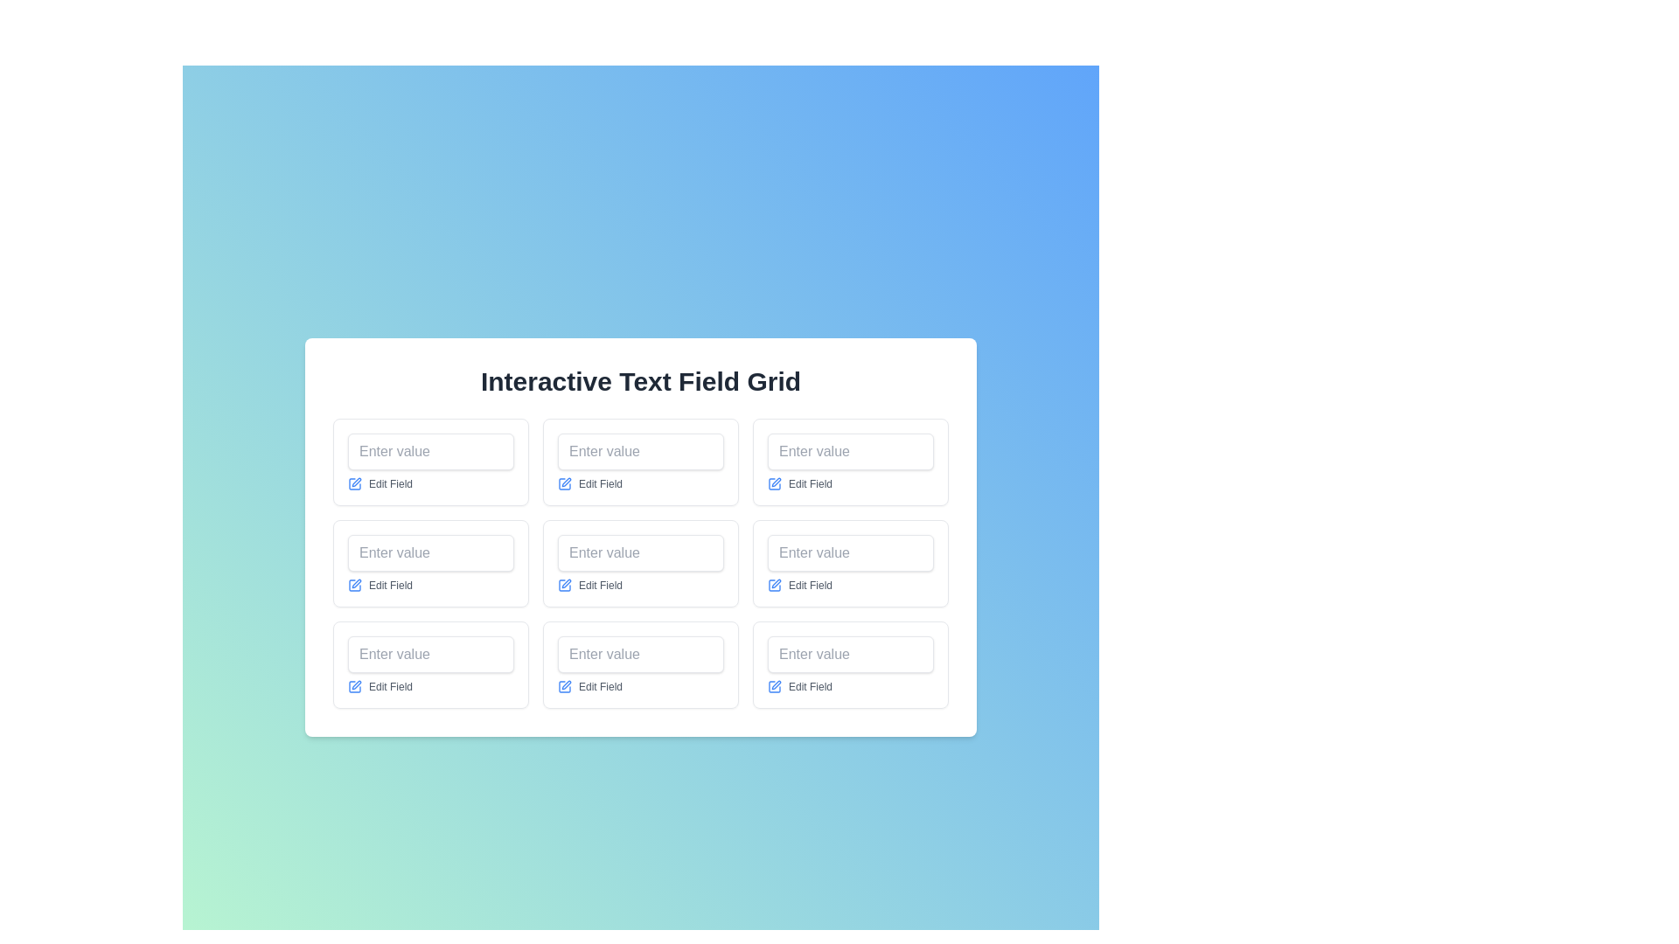  Describe the element at coordinates (774, 586) in the screenshot. I see `on the edit icon located` at that location.